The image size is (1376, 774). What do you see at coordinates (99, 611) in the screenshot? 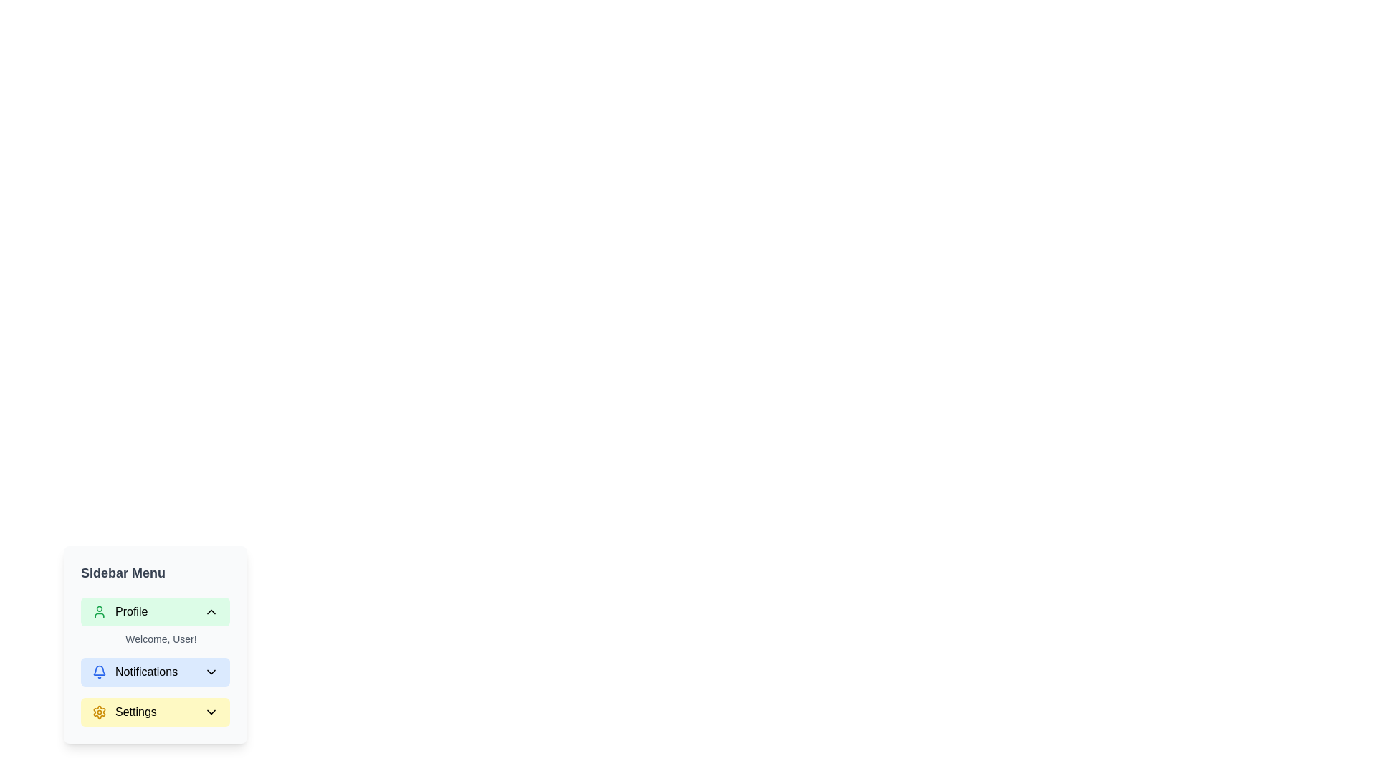
I see `the profile vector graphic icon located on the left side of the group adjacent to the 'Profile' label in the sidebar menu` at bounding box center [99, 611].